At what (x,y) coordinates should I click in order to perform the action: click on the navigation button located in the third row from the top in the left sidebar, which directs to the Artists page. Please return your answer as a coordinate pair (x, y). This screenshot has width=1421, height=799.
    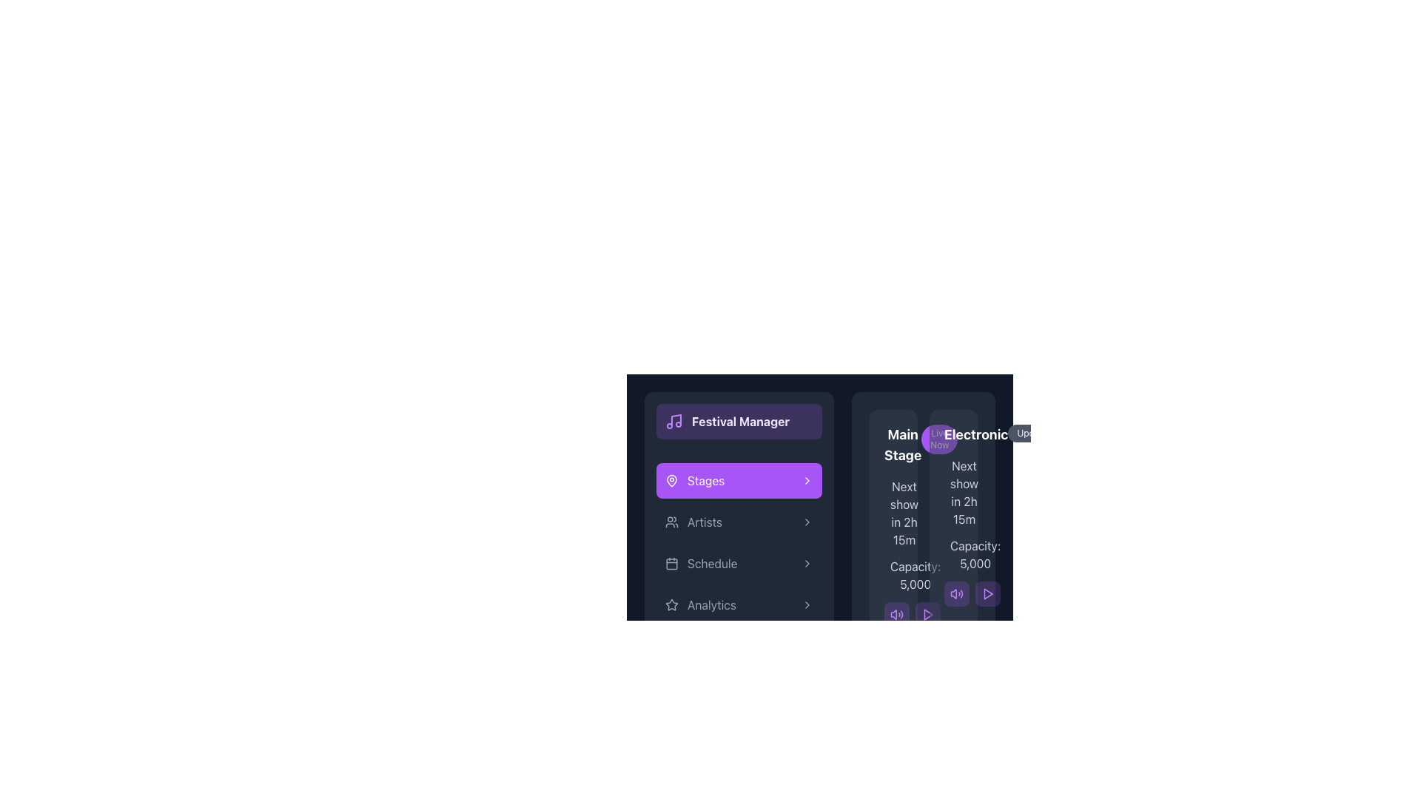
    Looking at the image, I should click on (739, 521).